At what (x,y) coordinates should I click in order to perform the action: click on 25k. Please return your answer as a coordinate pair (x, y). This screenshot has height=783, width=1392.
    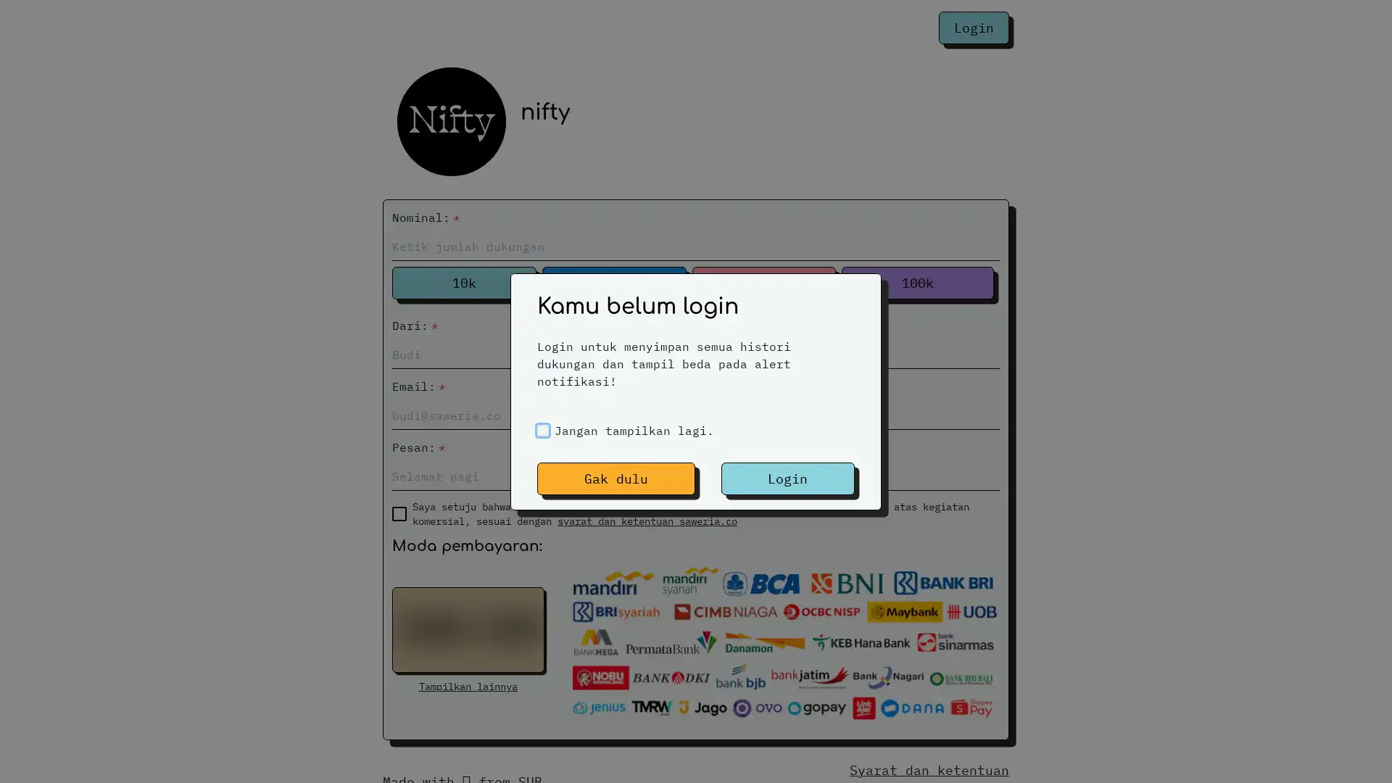
    Looking at the image, I should click on (613, 283).